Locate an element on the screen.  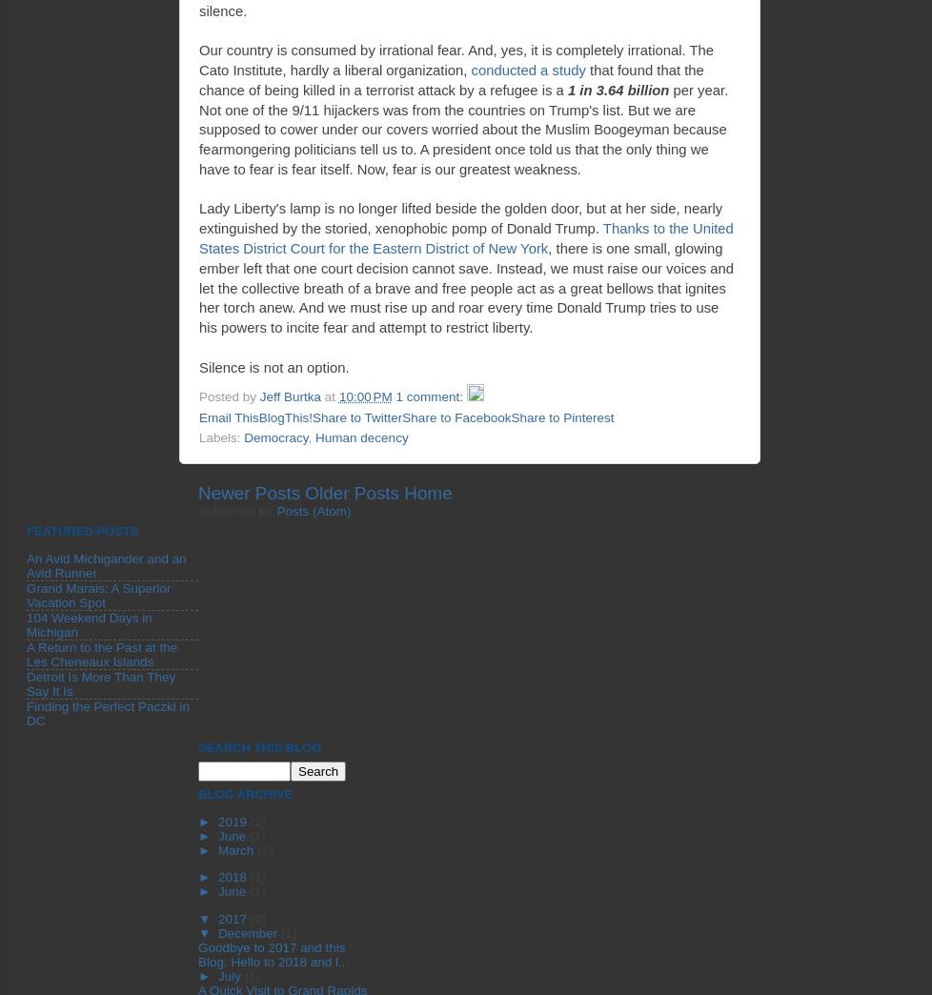
'104 Weekend Days in Michigan' is located at coordinates (89, 623).